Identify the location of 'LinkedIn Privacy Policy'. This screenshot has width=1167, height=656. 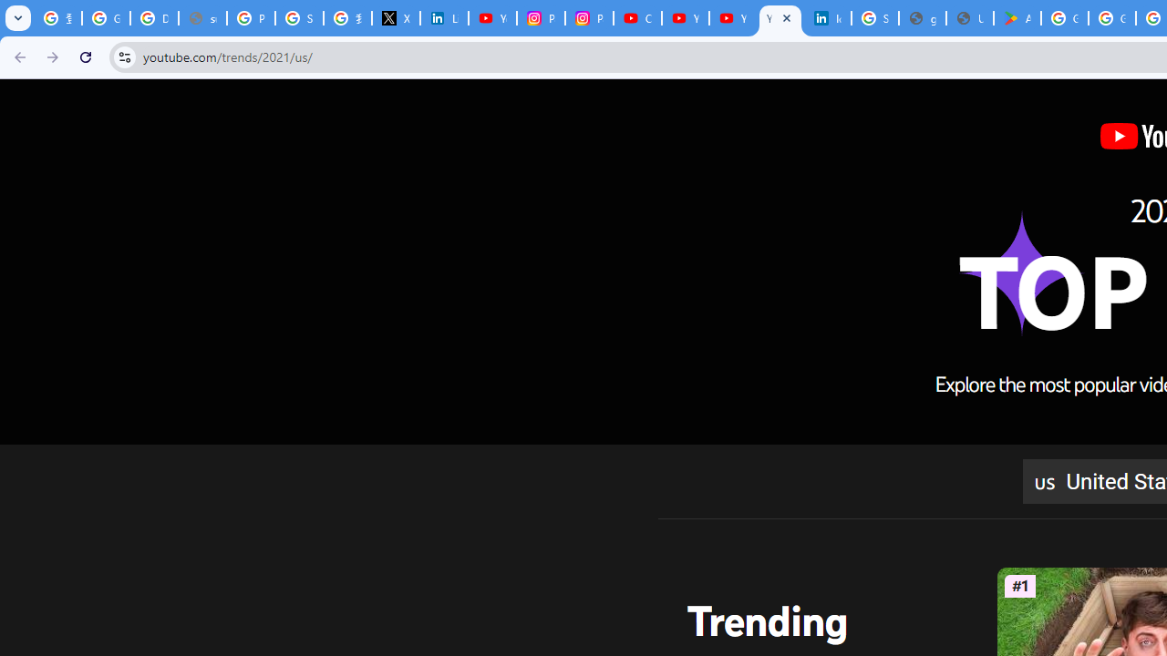
(444, 18).